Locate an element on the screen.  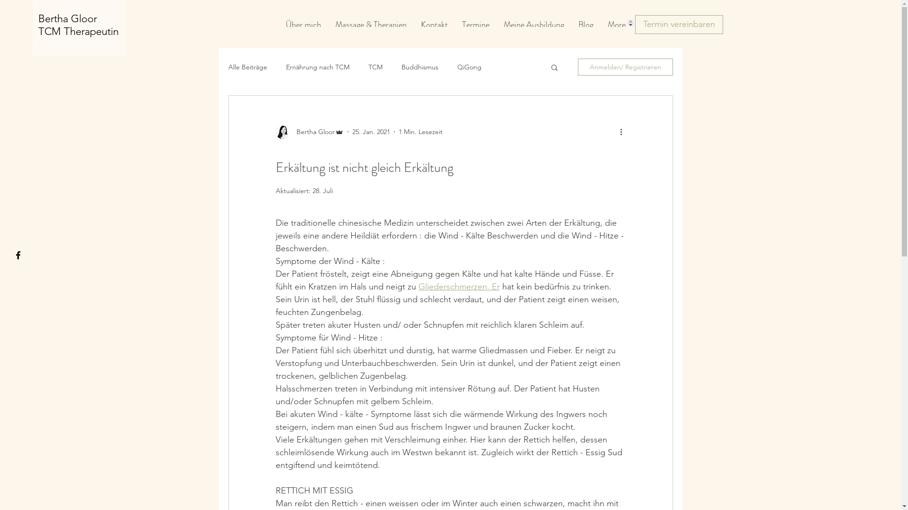
'Termine' is located at coordinates (476, 22).